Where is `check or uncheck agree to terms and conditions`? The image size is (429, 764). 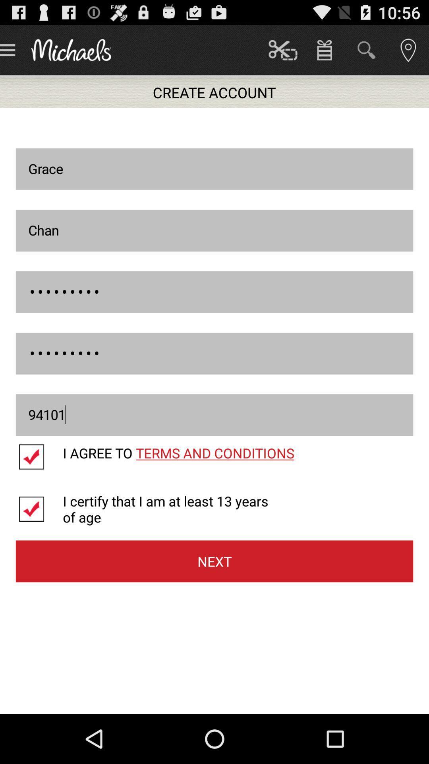
check or uncheck agree to terms and conditions is located at coordinates (39, 457).